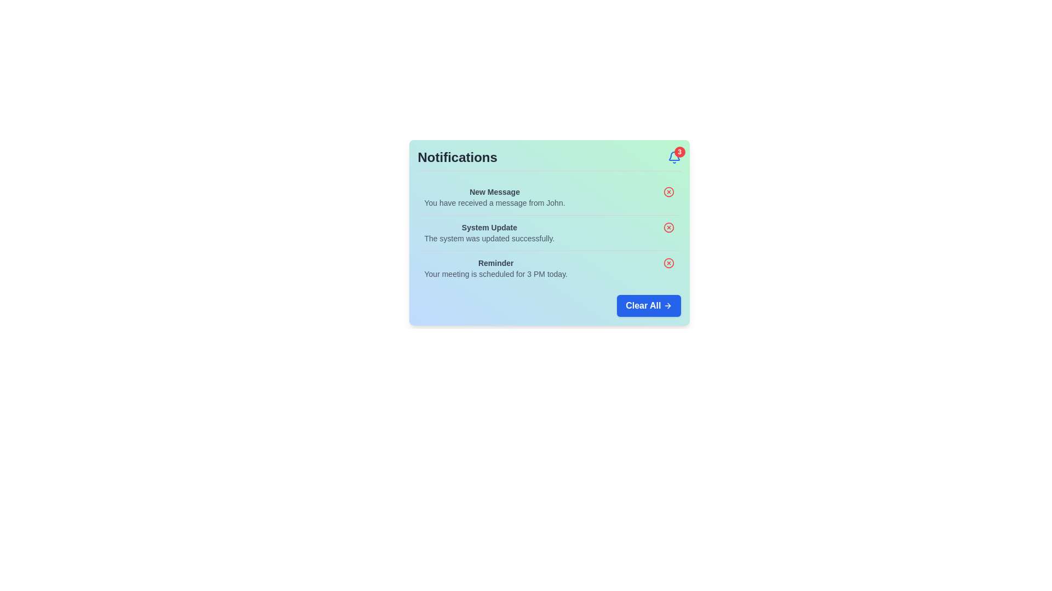 Image resolution: width=1052 pixels, height=591 pixels. What do you see at coordinates (679, 152) in the screenshot?
I see `the red badge indicating the number of new notifications located at the top-right corner of the notification bell icon` at bounding box center [679, 152].